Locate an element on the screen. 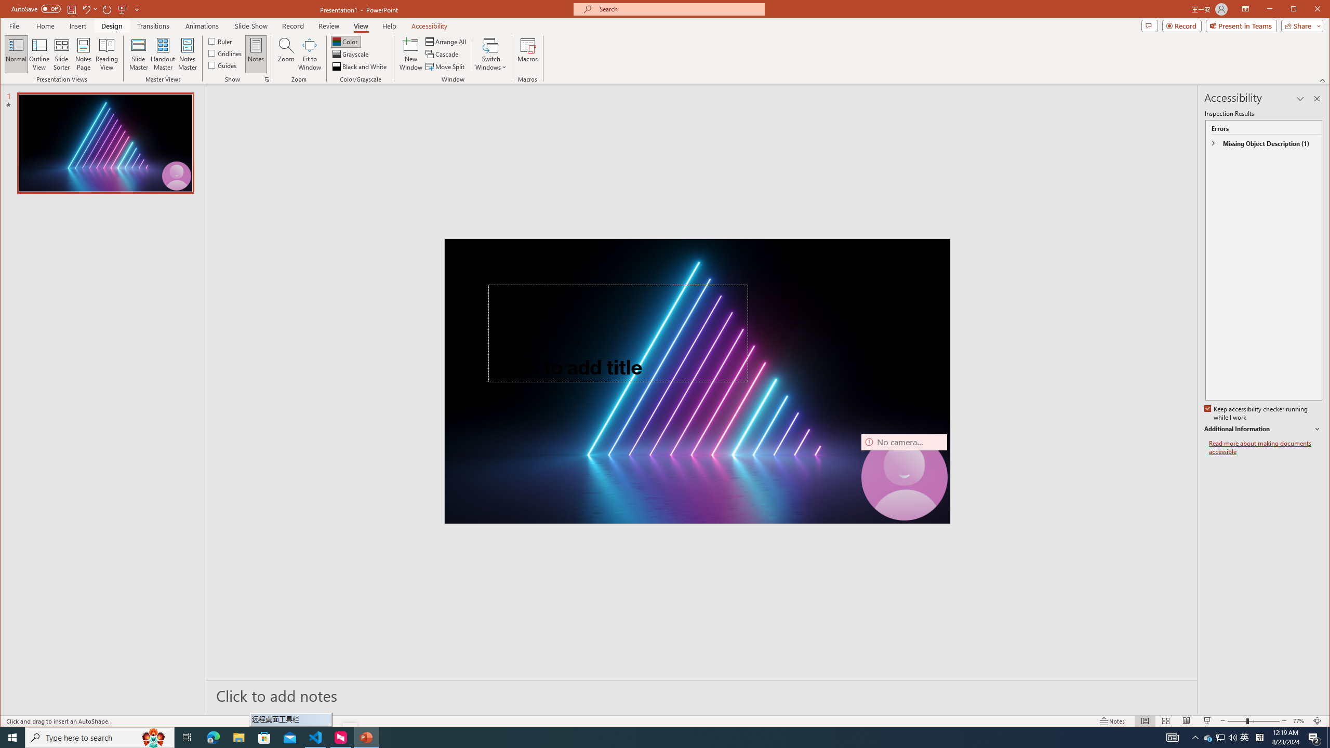 This screenshot has height=748, width=1330. 'Neon laser lights aligned to form a triangle' is located at coordinates (697, 380).